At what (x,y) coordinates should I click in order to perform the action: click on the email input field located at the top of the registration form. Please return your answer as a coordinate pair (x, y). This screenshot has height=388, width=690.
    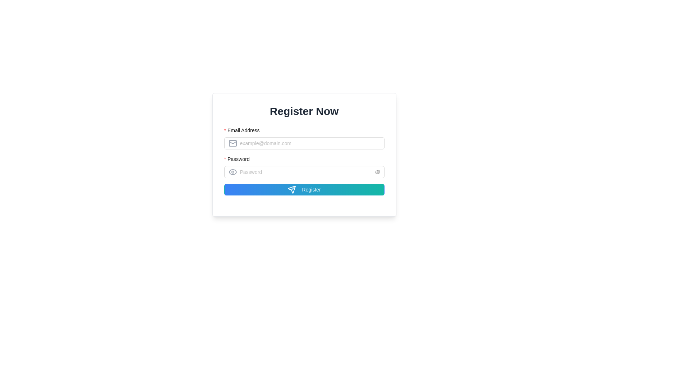
    Looking at the image, I should click on (304, 138).